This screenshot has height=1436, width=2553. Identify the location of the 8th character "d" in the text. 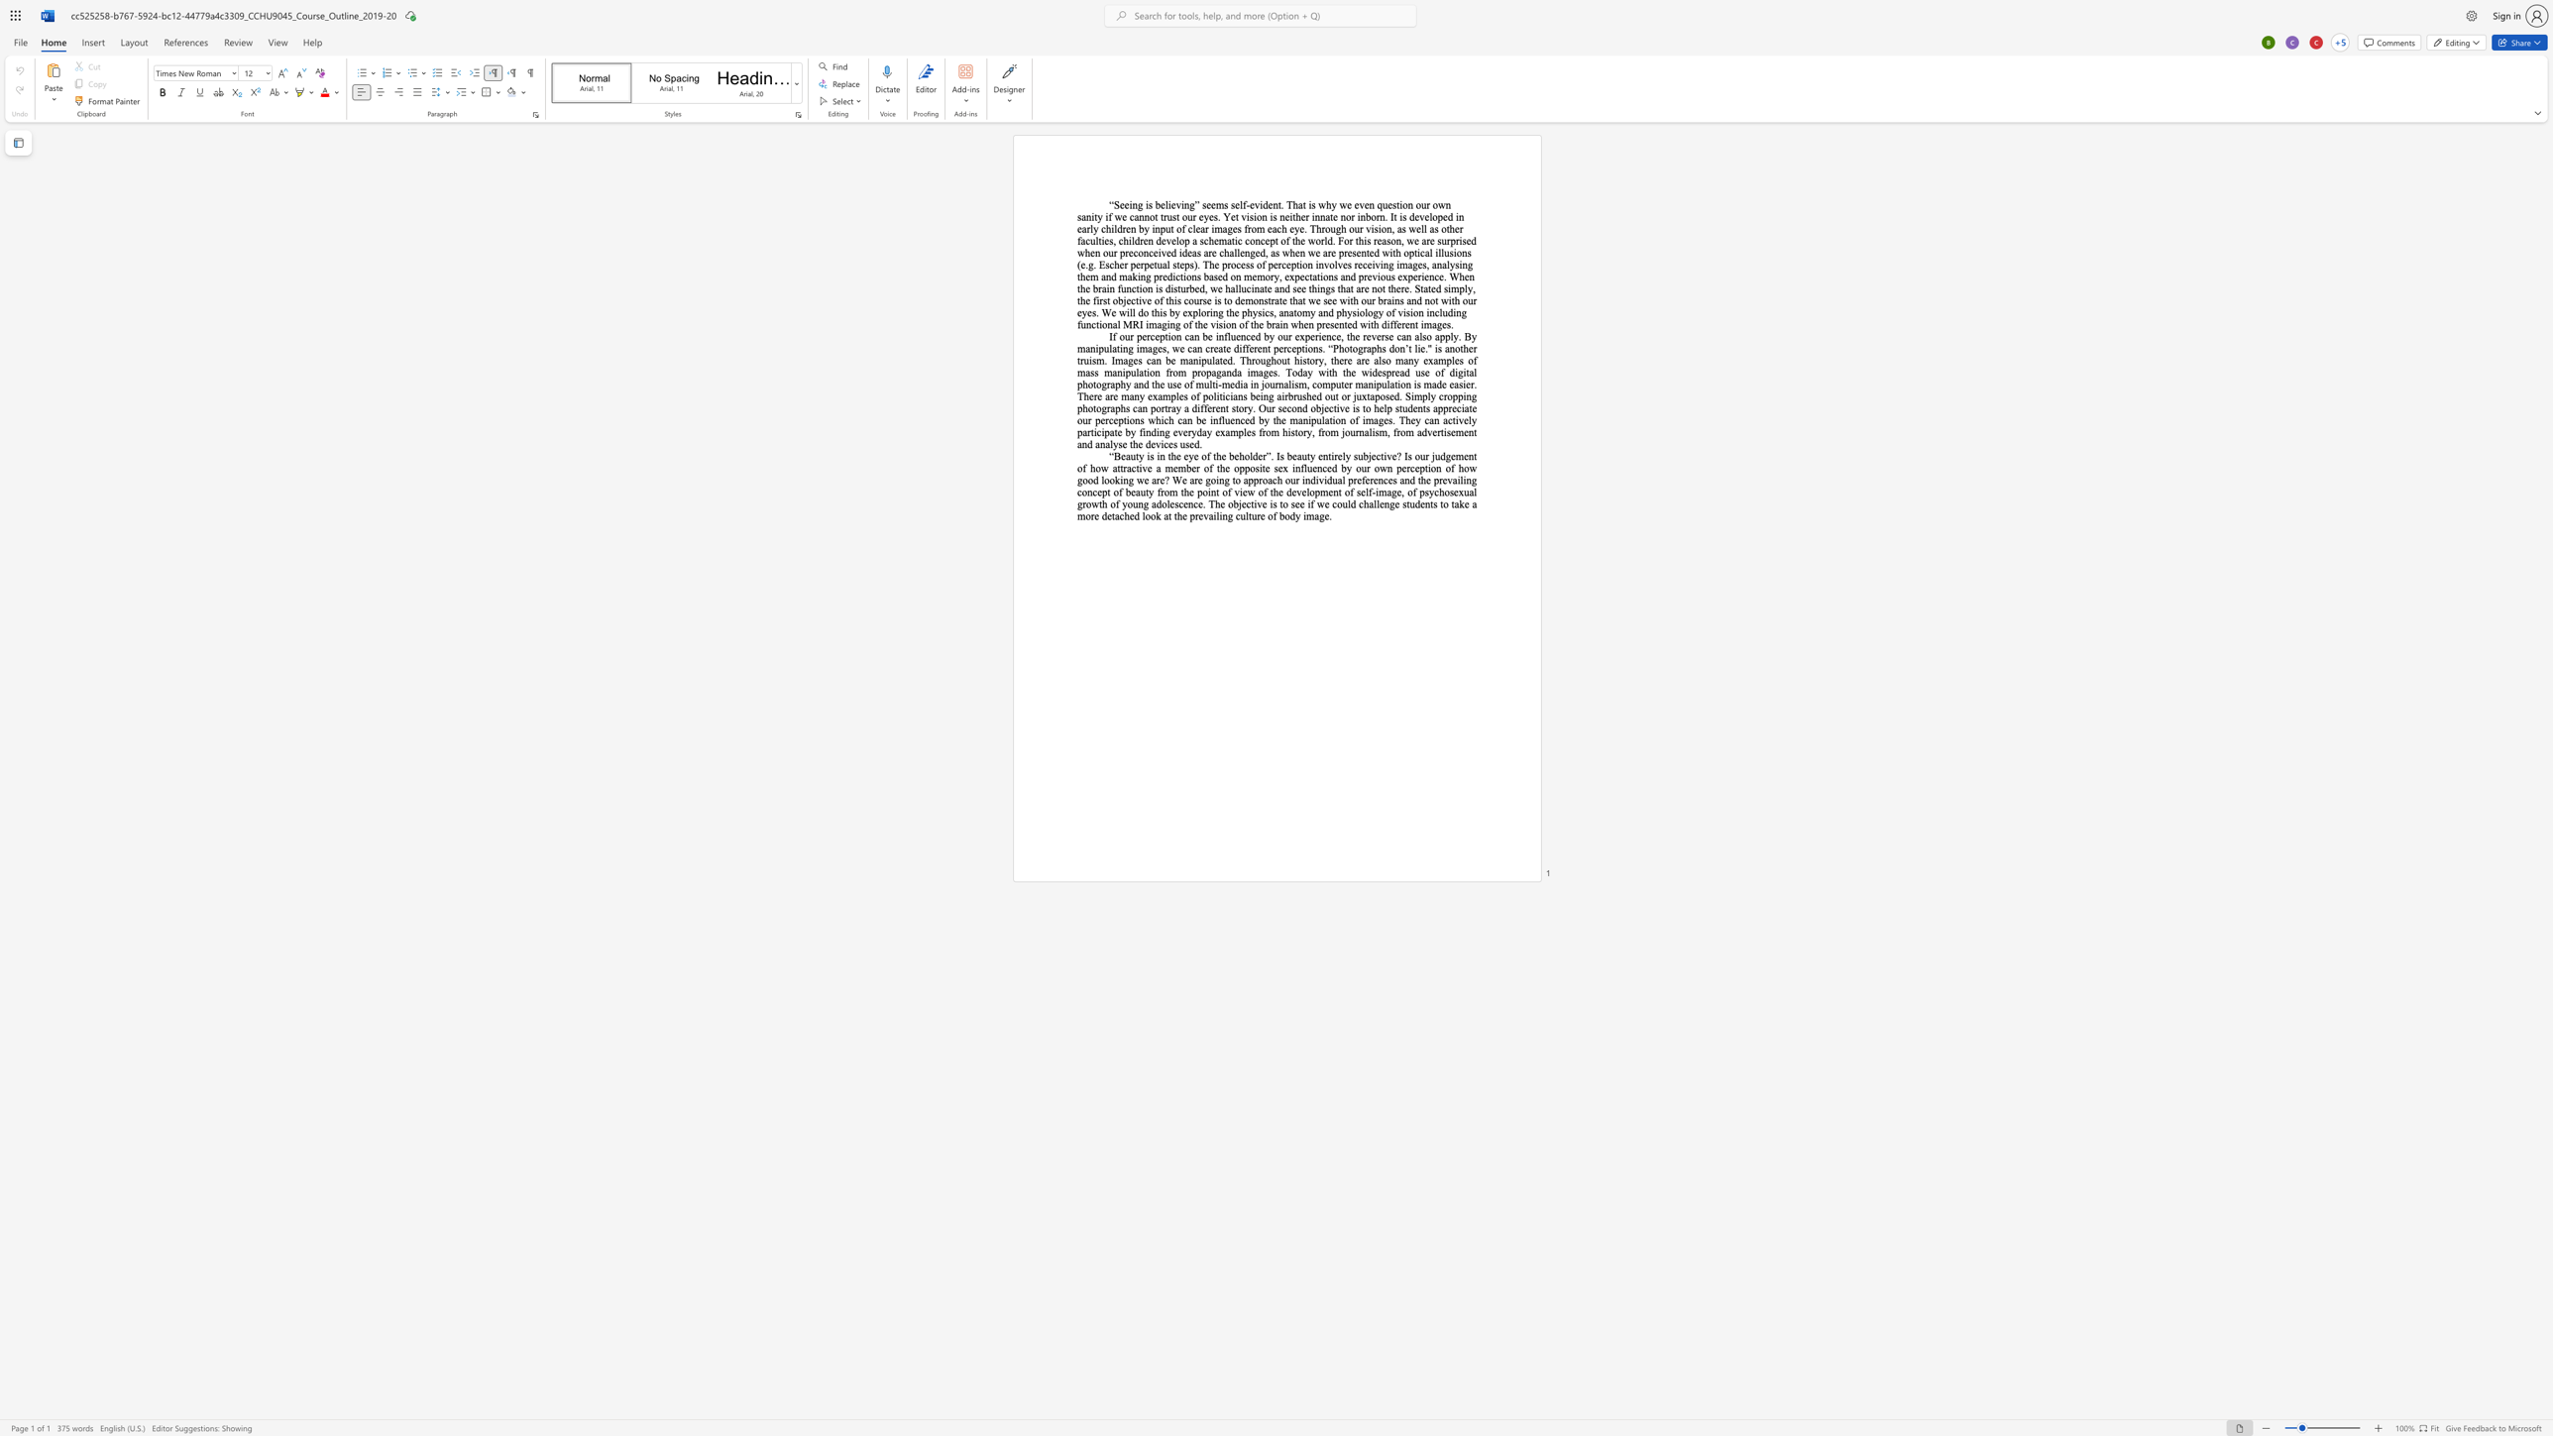
(1472, 240).